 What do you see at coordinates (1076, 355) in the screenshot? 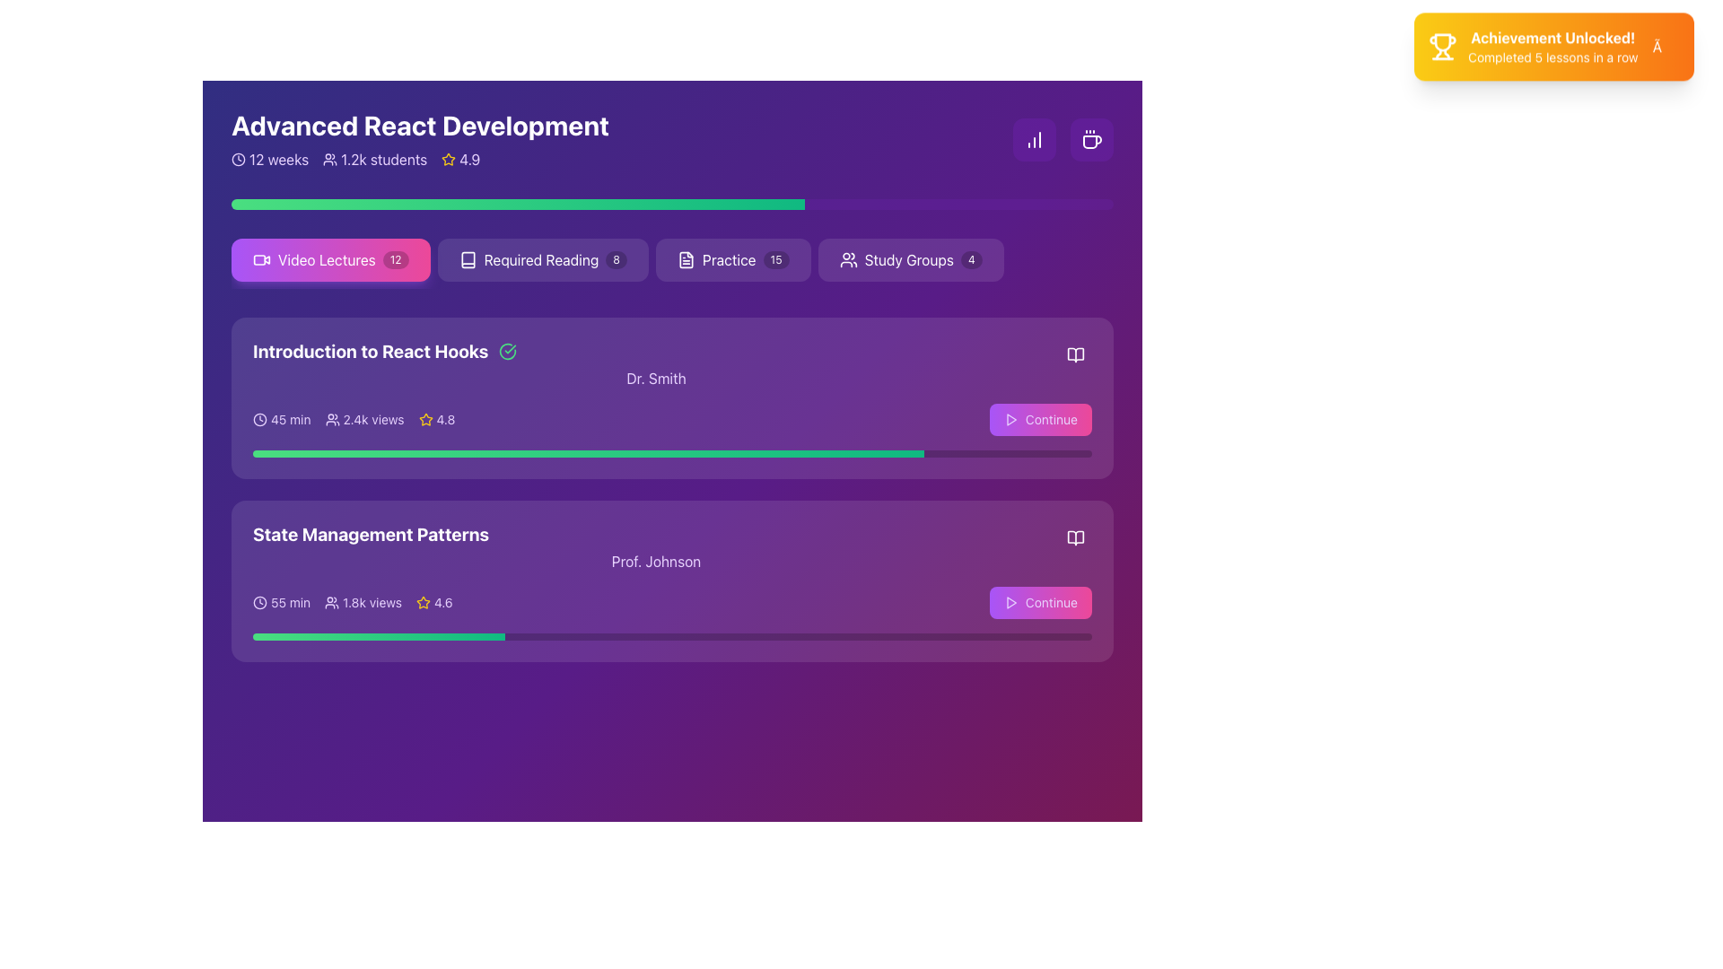
I see `the open book icon displayed in white on a dark purple background` at bounding box center [1076, 355].